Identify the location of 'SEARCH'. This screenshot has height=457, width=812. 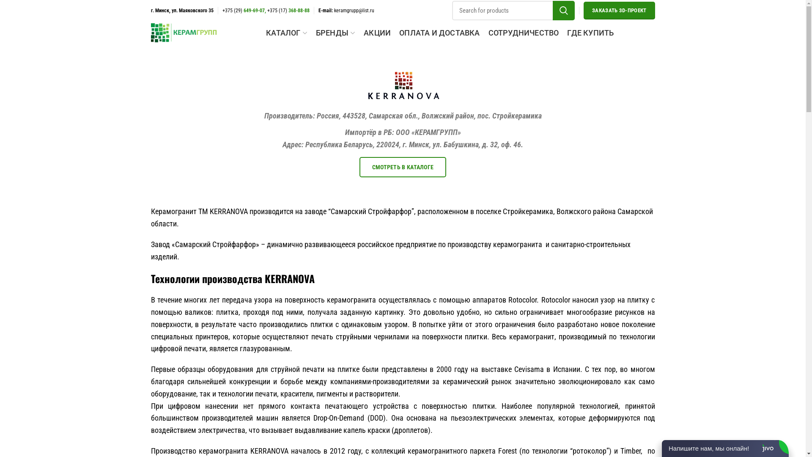
(552, 10).